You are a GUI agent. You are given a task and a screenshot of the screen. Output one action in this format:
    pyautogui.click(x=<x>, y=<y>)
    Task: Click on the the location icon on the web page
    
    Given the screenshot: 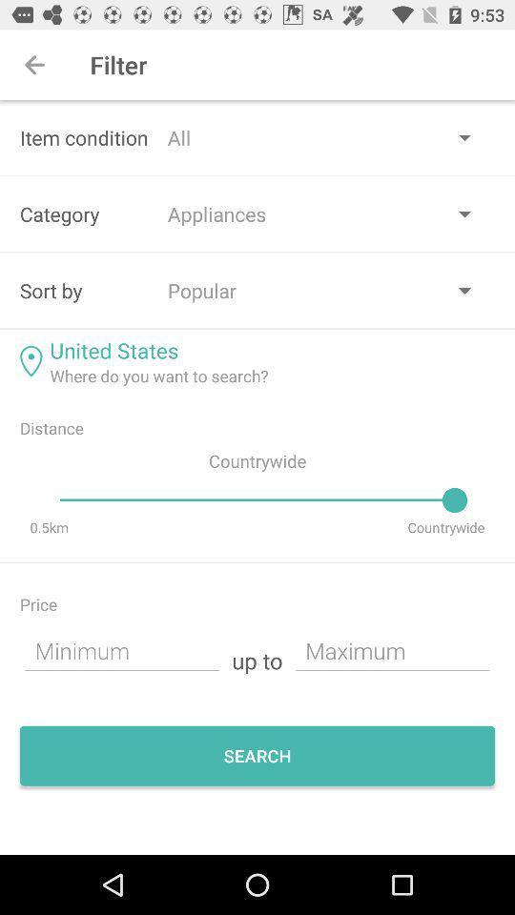 What is the action you would take?
    pyautogui.click(x=30, y=360)
    